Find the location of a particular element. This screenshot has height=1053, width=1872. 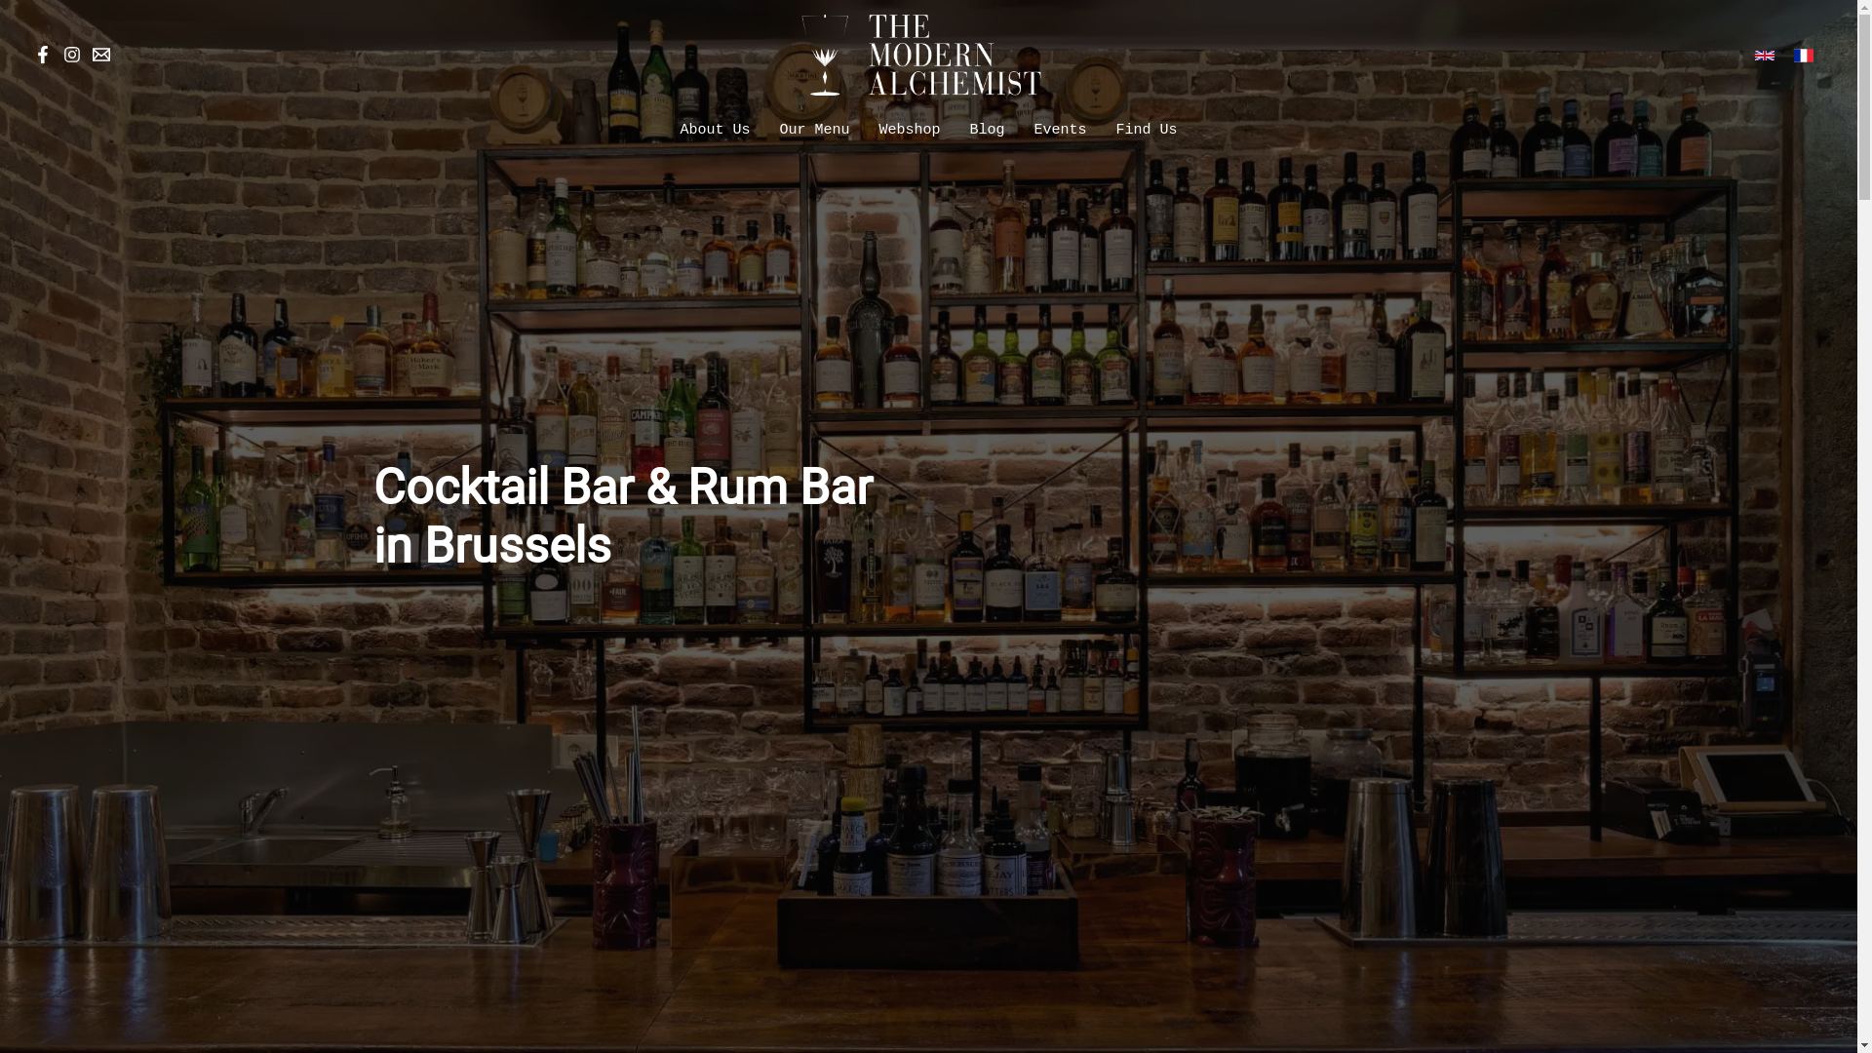

'Events' is located at coordinates (1060, 130).